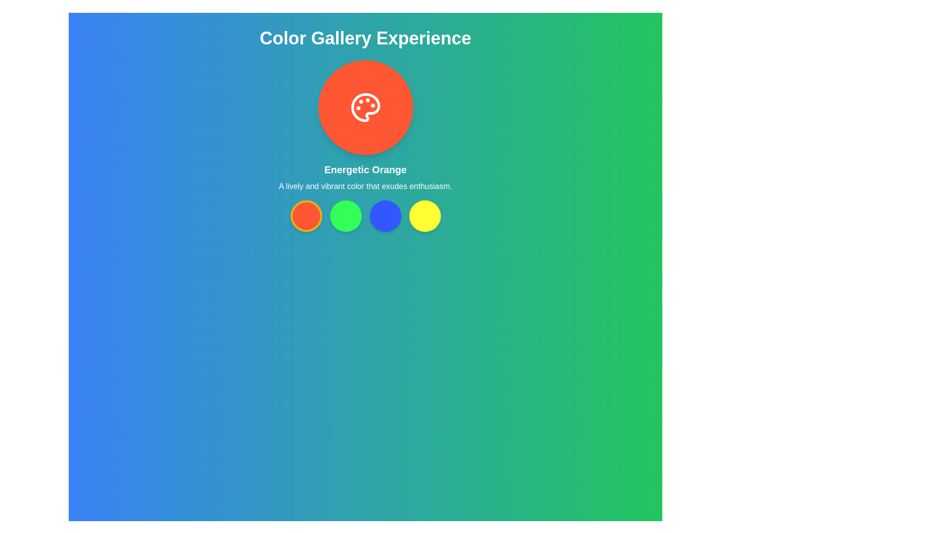  What do you see at coordinates (365, 108) in the screenshot?
I see `the palette icon, which is represented by a white color icon inside a circular orange background, centrally located in the interface` at bounding box center [365, 108].